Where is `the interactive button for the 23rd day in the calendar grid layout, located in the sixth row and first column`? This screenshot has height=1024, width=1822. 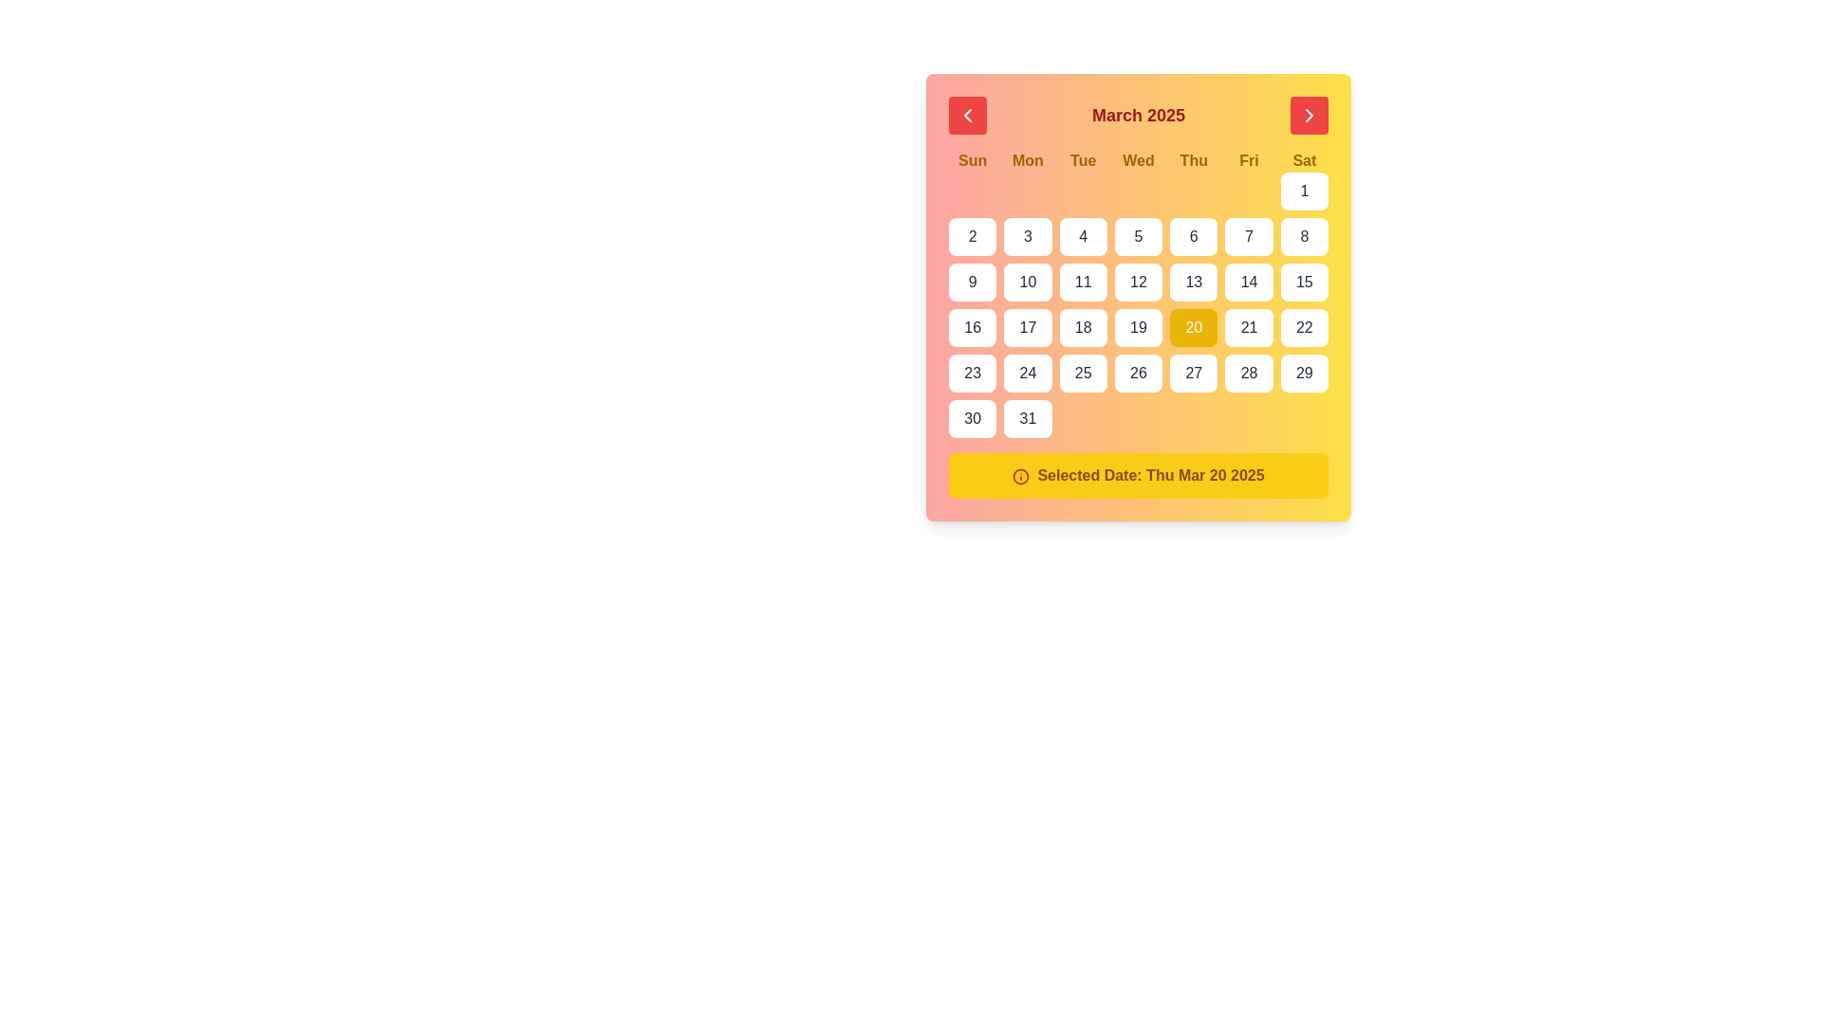 the interactive button for the 23rd day in the calendar grid layout, located in the sixth row and first column is located at coordinates (973, 373).